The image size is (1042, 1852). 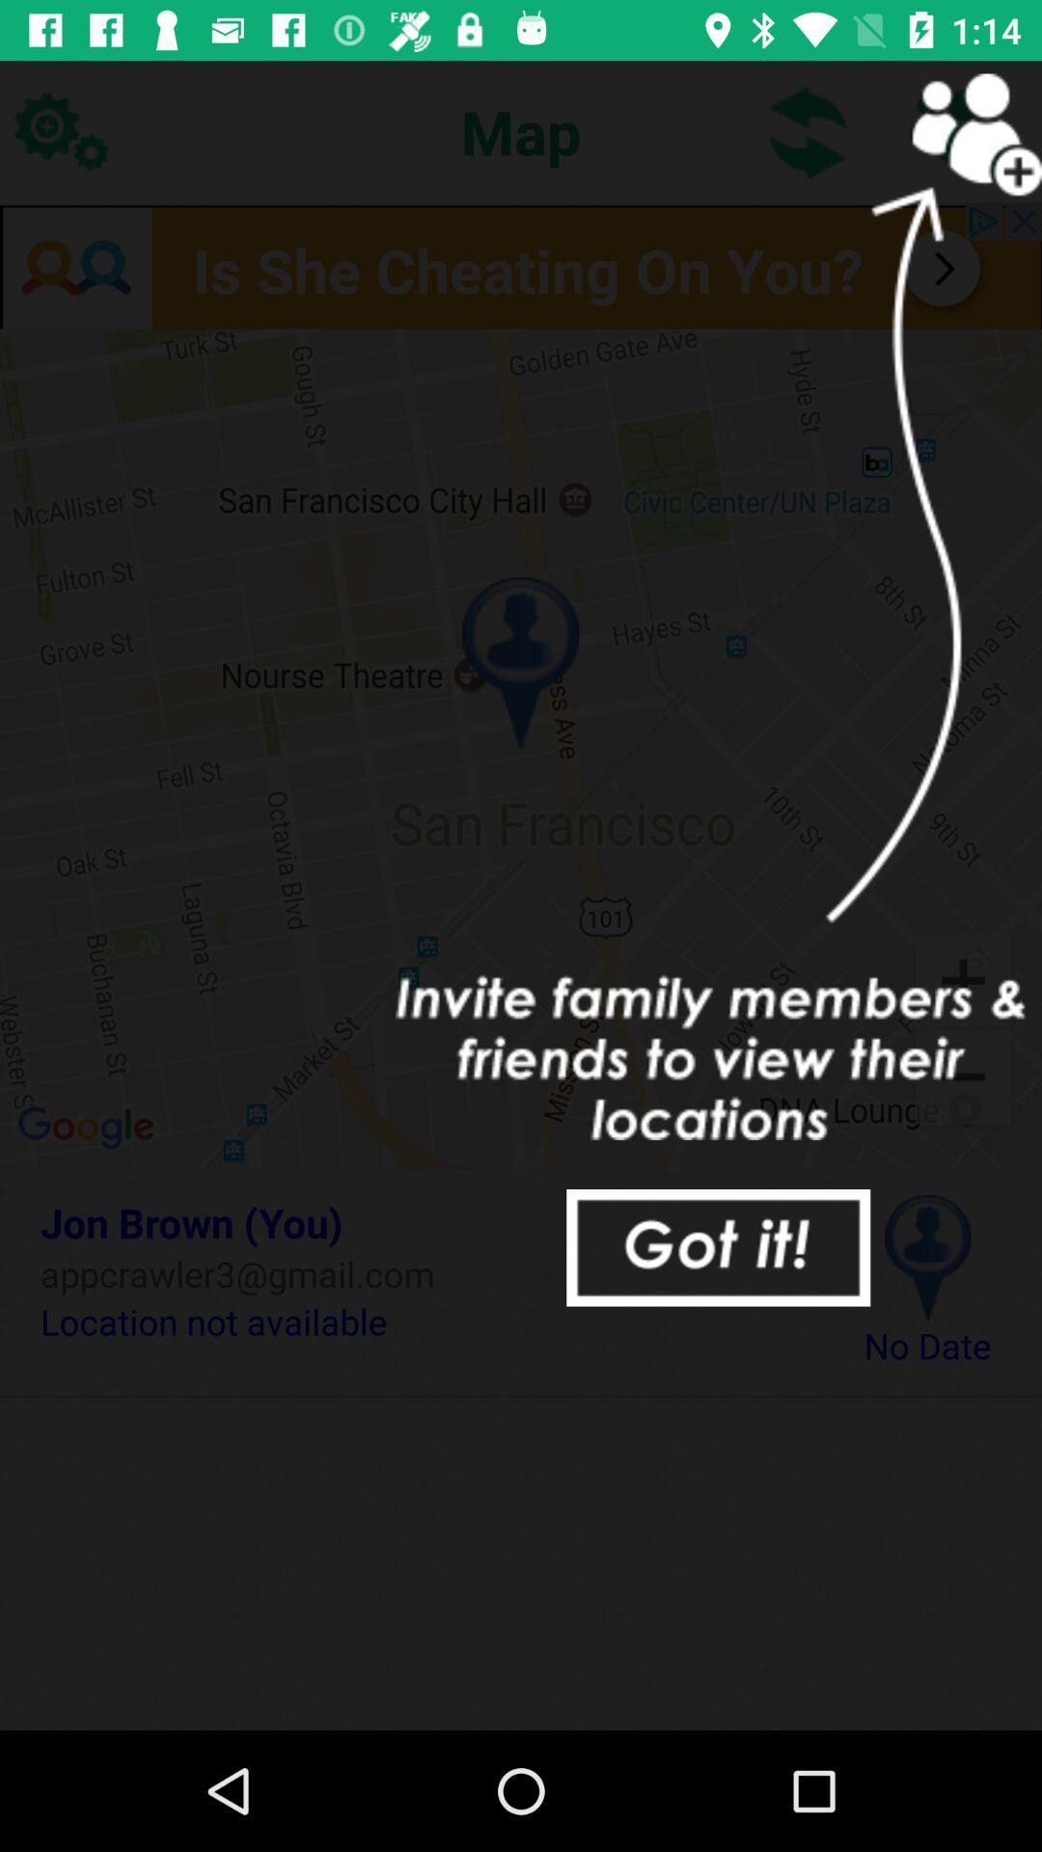 I want to click on find out where she is now, so click(x=521, y=264).